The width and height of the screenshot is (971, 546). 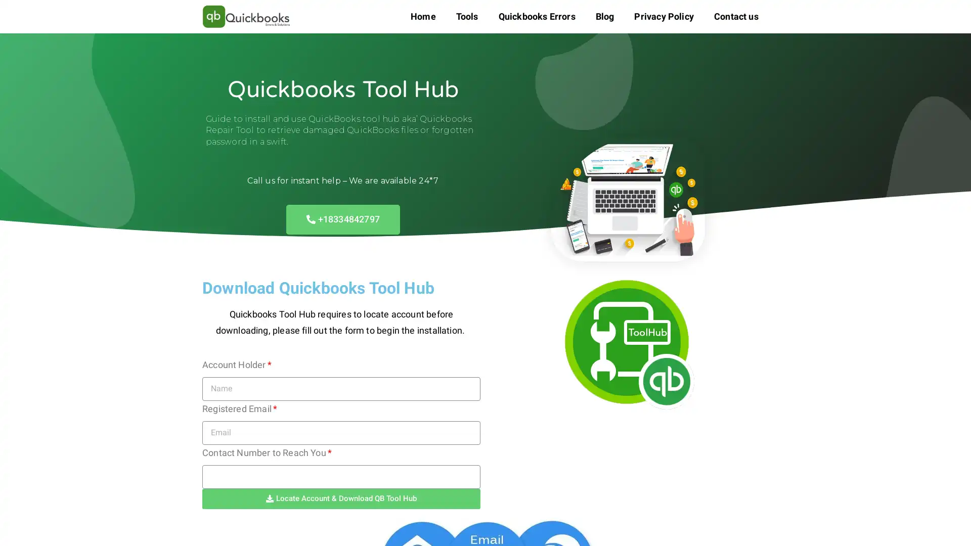 I want to click on Locate Account & Download QB Tool Hub, so click(x=341, y=498).